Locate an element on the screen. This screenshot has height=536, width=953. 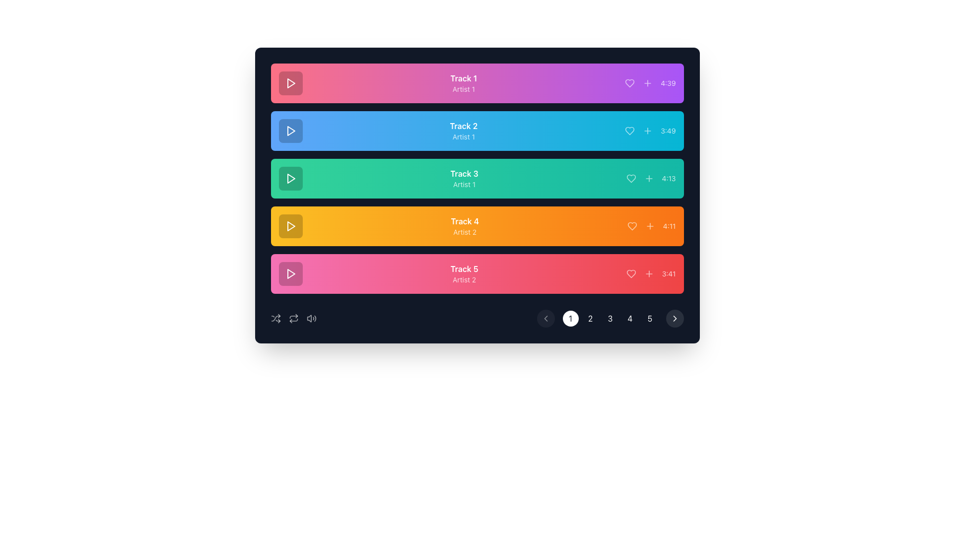
the play icon, which is a triangular play symbol located within a vibrant yellow square button, to play 'Track 4' is located at coordinates (290, 226).